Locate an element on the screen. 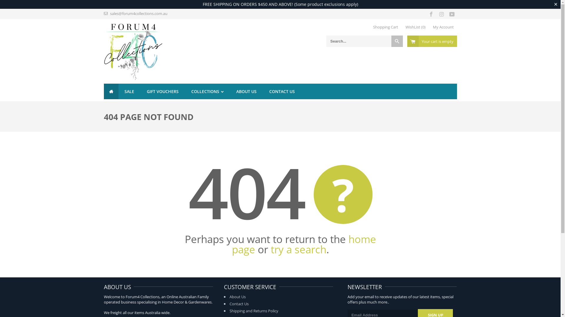  'Shopping Cart' is located at coordinates (385, 27).